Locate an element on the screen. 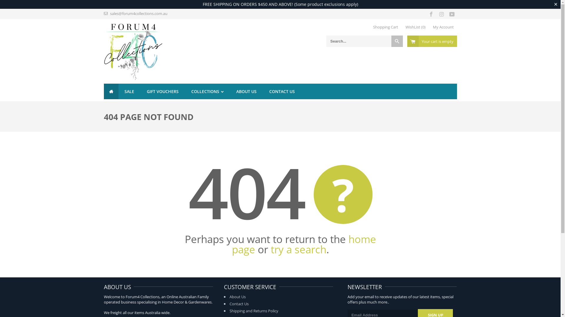  'Shopping Cart' is located at coordinates (385, 27).